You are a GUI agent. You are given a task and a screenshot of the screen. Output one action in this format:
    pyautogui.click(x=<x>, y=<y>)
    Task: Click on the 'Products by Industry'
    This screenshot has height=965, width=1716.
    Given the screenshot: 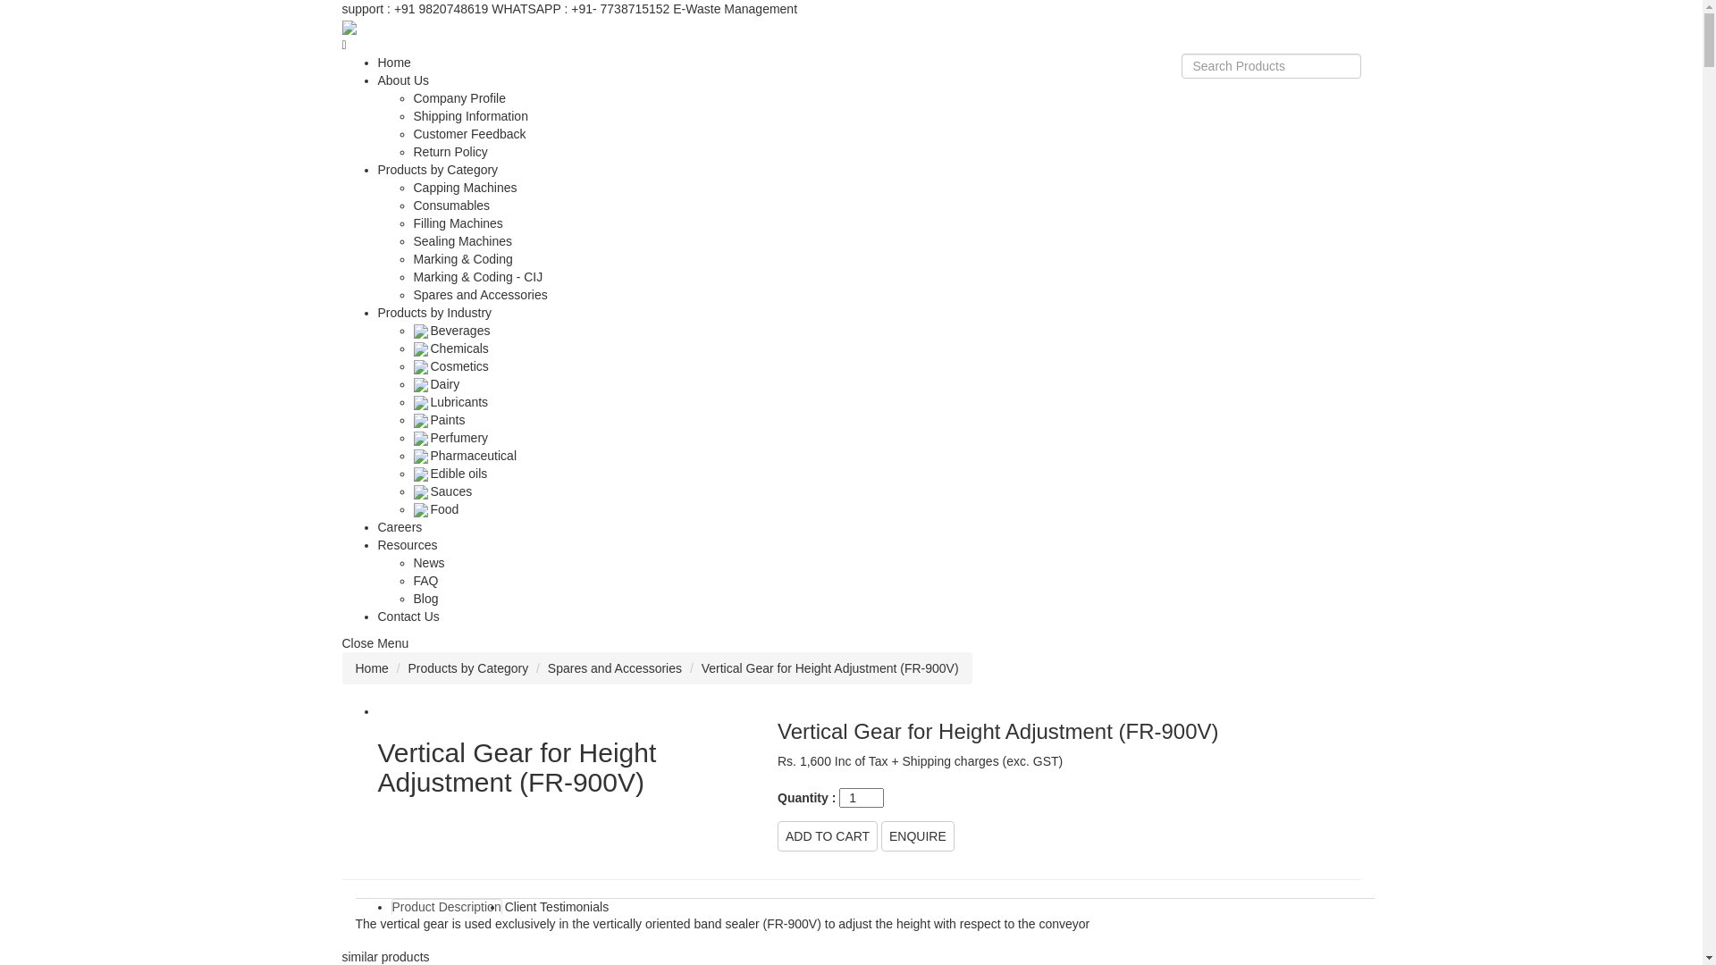 What is the action you would take?
    pyautogui.click(x=433, y=312)
    